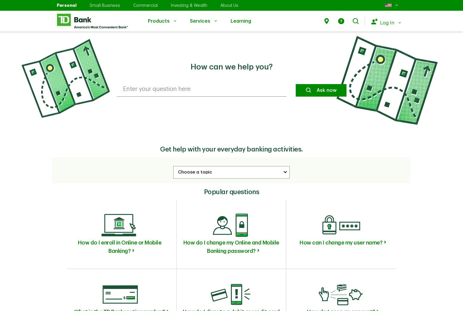 The width and height of the screenshot is (463, 311). Describe the element at coordinates (220, 5) in the screenshot. I see `'About Us'` at that location.